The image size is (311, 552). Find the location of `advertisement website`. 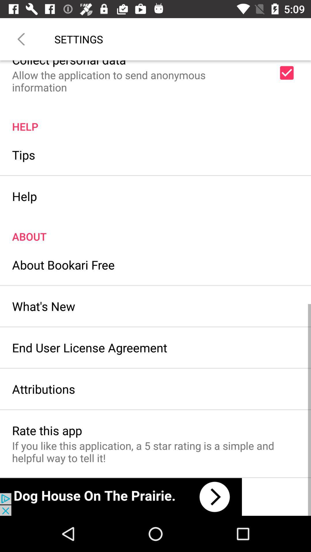

advertisement website is located at coordinates (121, 497).